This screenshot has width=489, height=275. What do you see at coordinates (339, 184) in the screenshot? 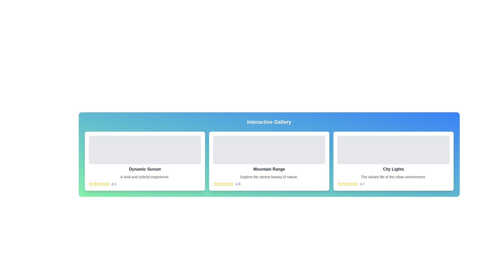
I see `the small star-shaped icon with a yellow outline and a white interior, located under the 'City Lights' title in the interactive gallery, specifically the leftmost star in the rating system` at bounding box center [339, 184].